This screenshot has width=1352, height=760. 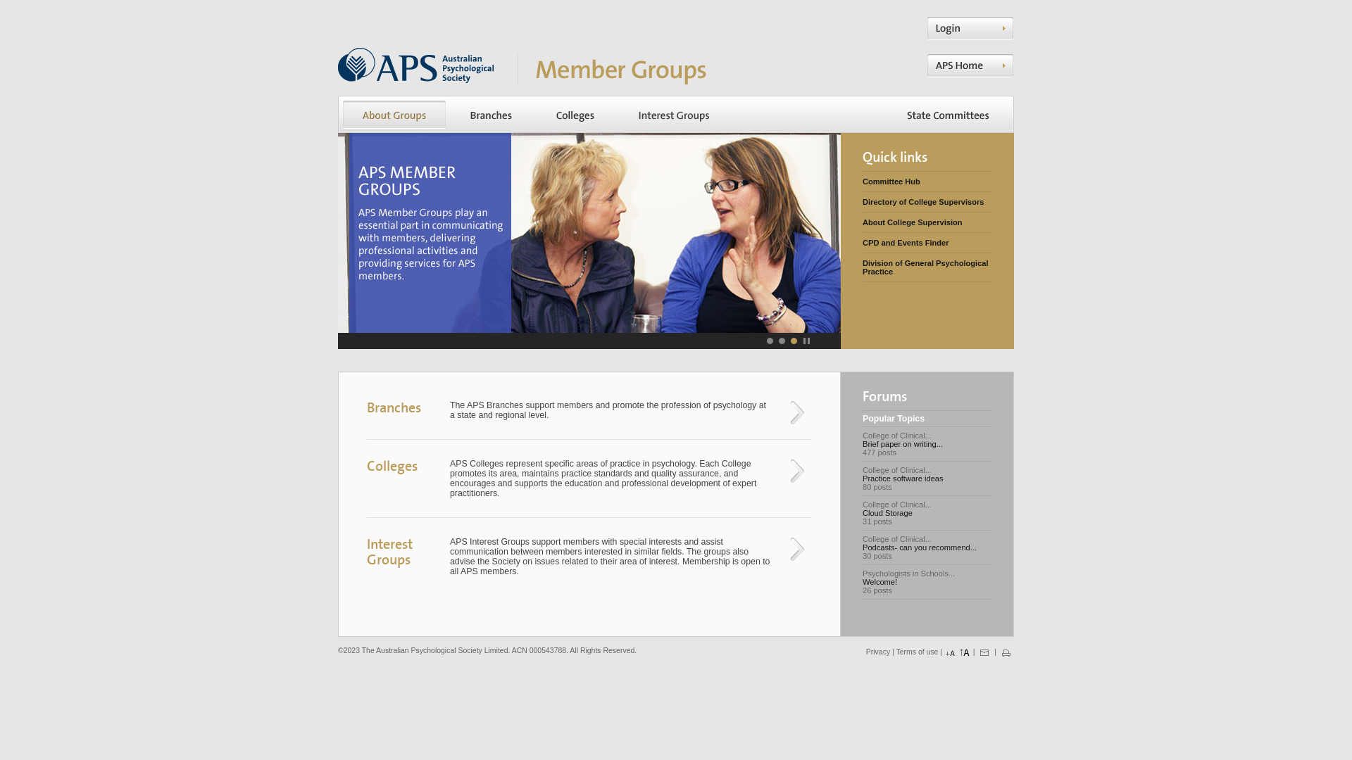 What do you see at coordinates (927, 181) in the screenshot?
I see `'Committee Hub'` at bounding box center [927, 181].